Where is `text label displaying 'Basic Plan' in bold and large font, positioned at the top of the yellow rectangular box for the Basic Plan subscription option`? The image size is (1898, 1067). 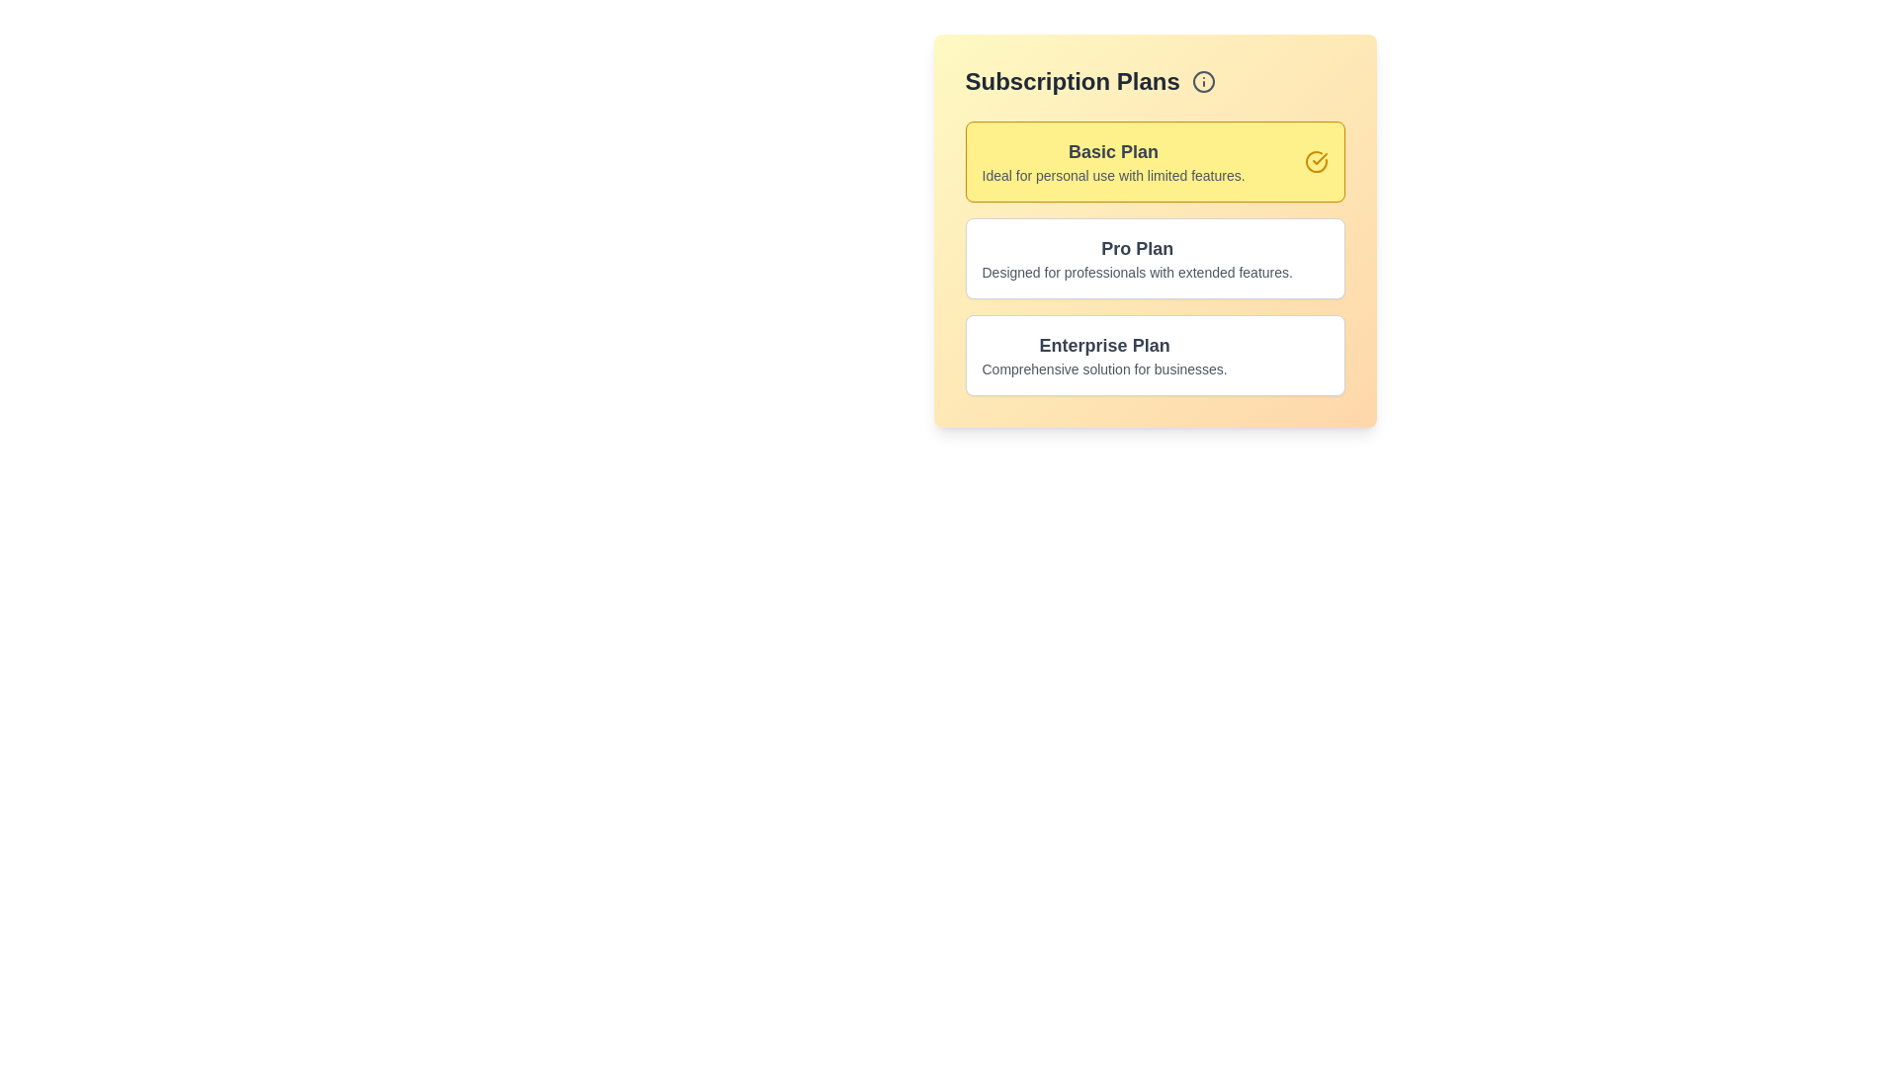 text label displaying 'Basic Plan' in bold and large font, positioned at the top of the yellow rectangular box for the Basic Plan subscription option is located at coordinates (1113, 151).